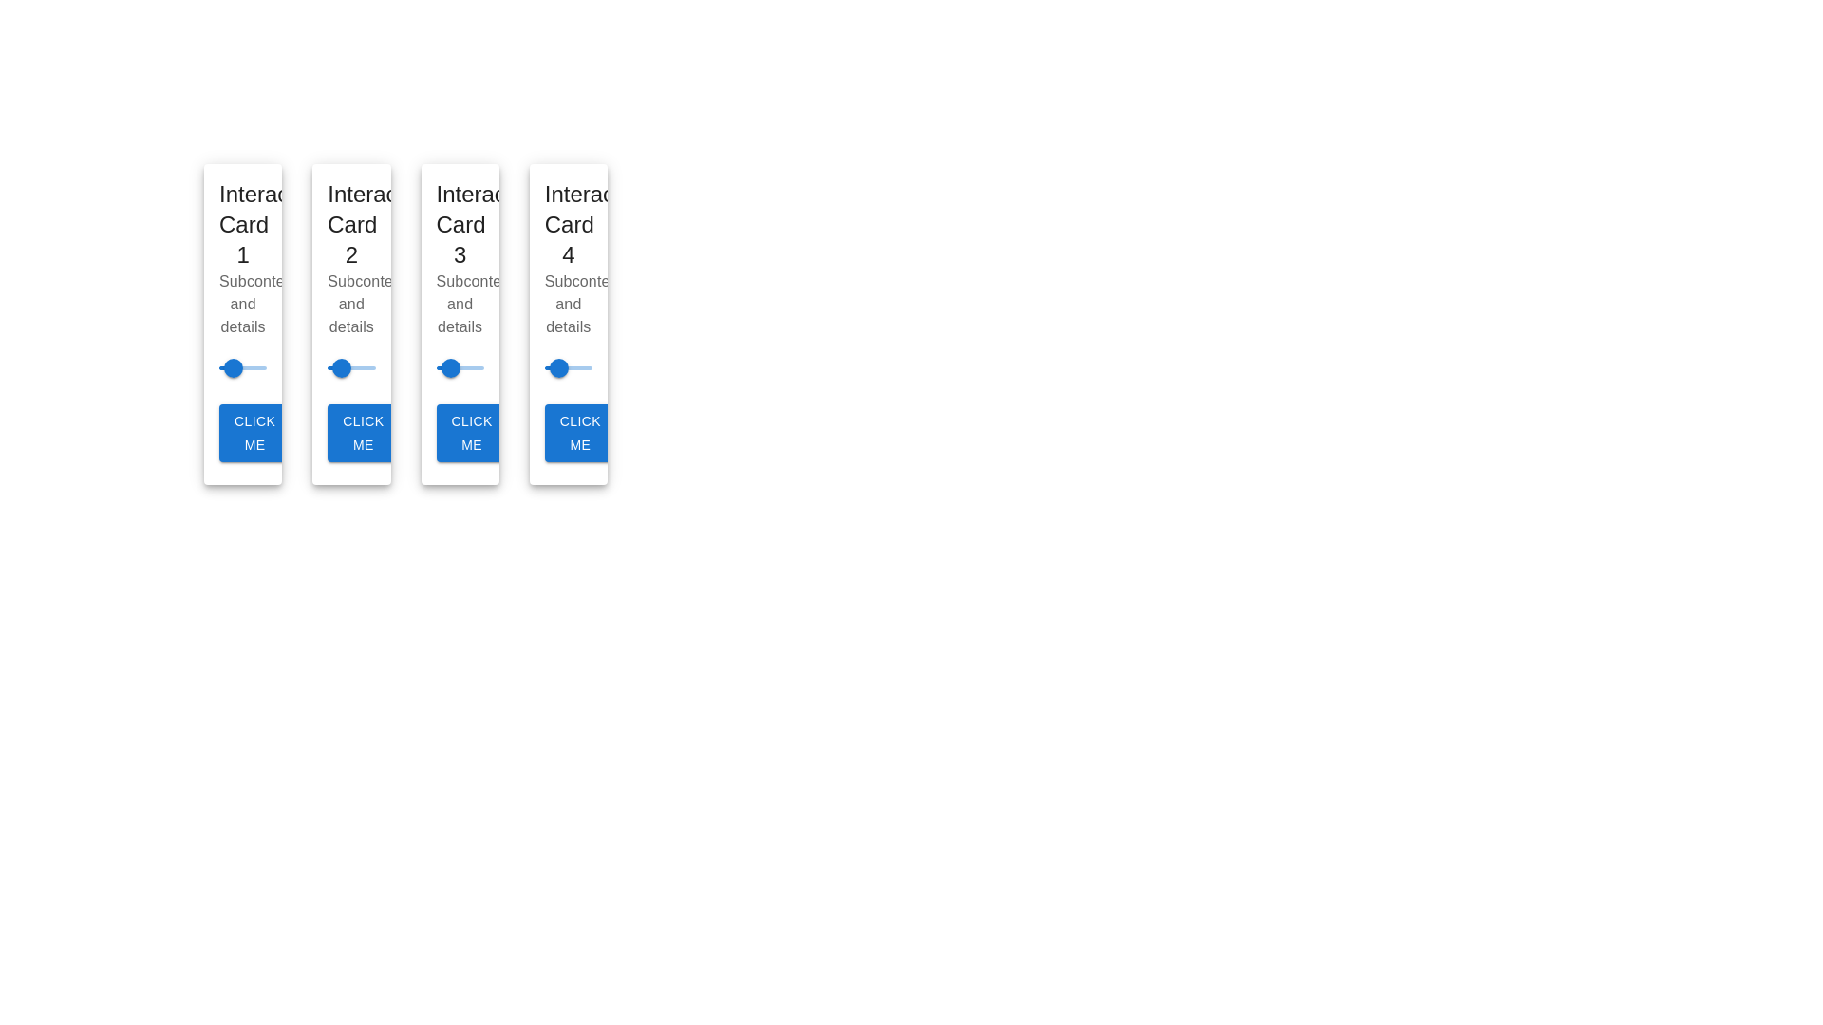  What do you see at coordinates (414, 368) in the screenshot?
I see `the slider value` at bounding box center [414, 368].